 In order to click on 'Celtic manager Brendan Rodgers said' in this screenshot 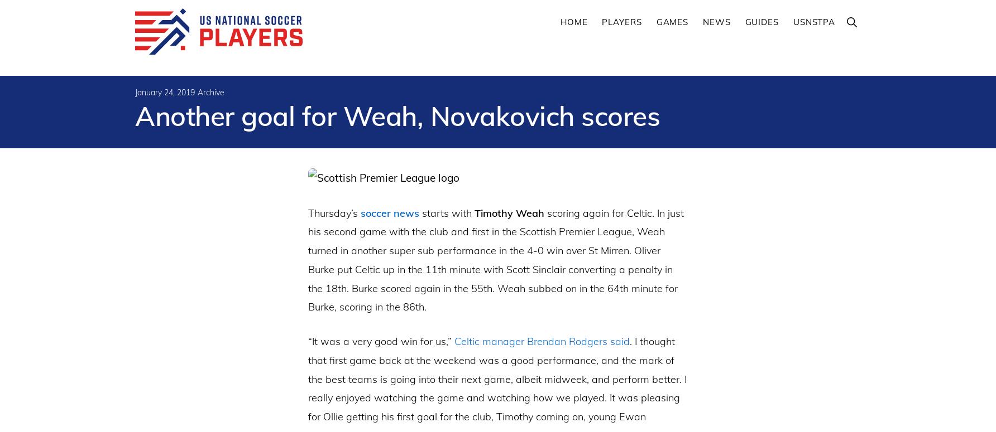, I will do `click(454, 341)`.